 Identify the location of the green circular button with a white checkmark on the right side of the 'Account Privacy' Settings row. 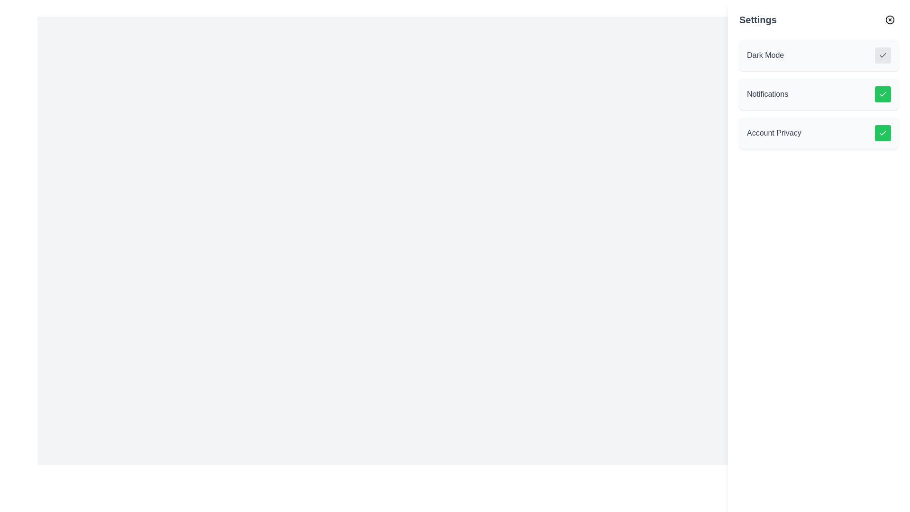
(819, 133).